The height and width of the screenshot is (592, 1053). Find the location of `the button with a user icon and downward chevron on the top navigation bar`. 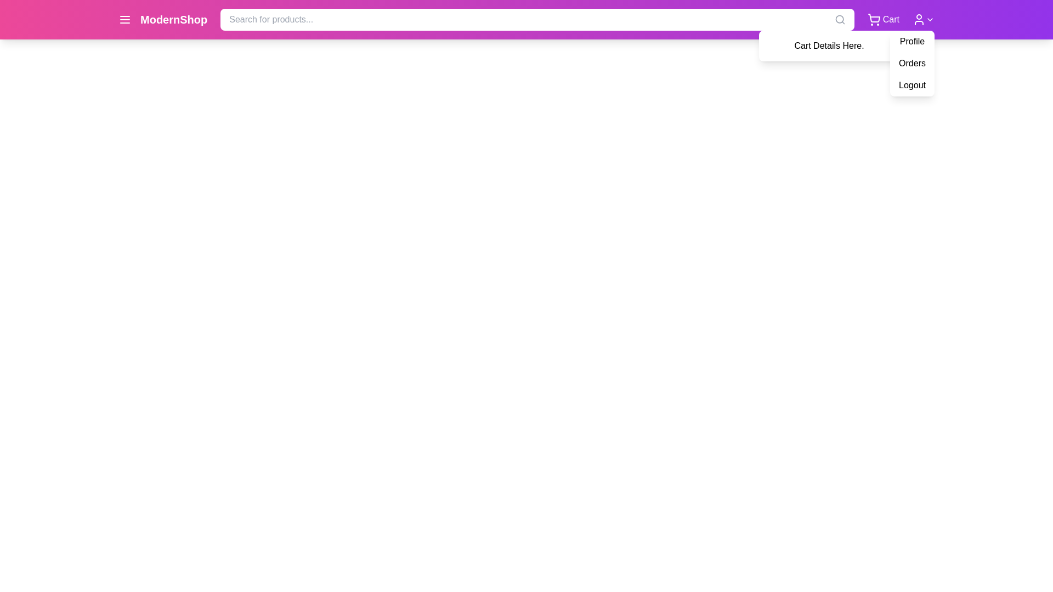

the button with a user icon and downward chevron on the top navigation bar is located at coordinates (923, 19).